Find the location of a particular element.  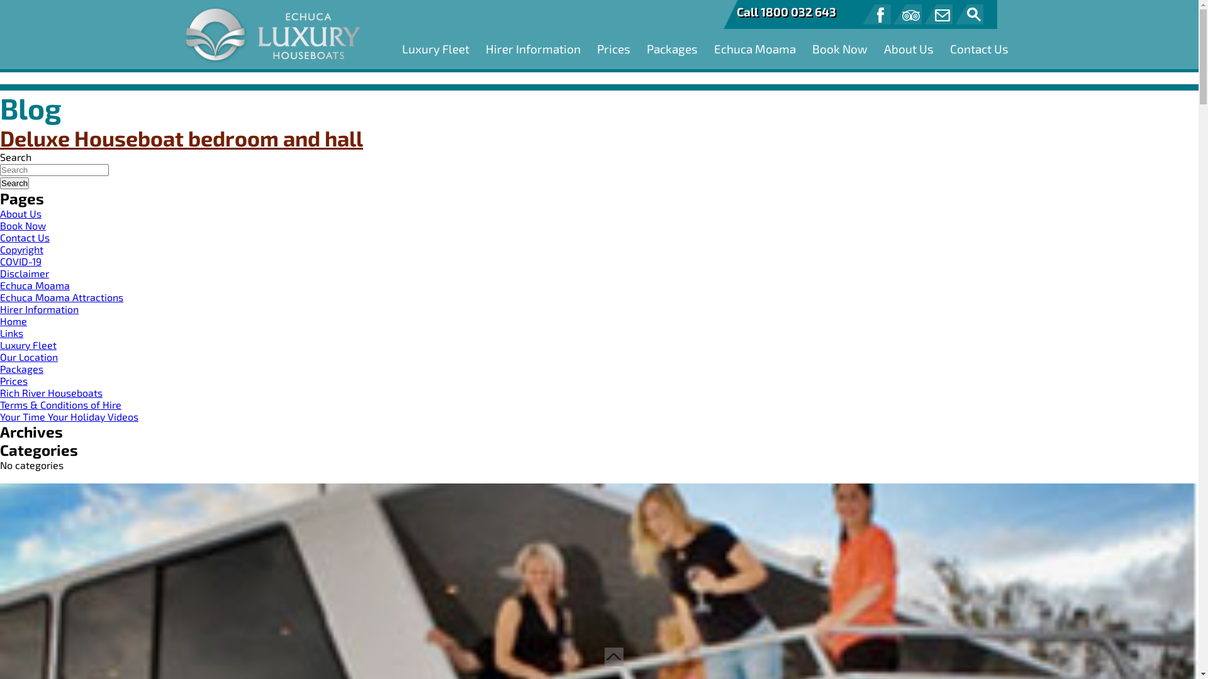

'Luxury Fleet' is located at coordinates (0, 345).